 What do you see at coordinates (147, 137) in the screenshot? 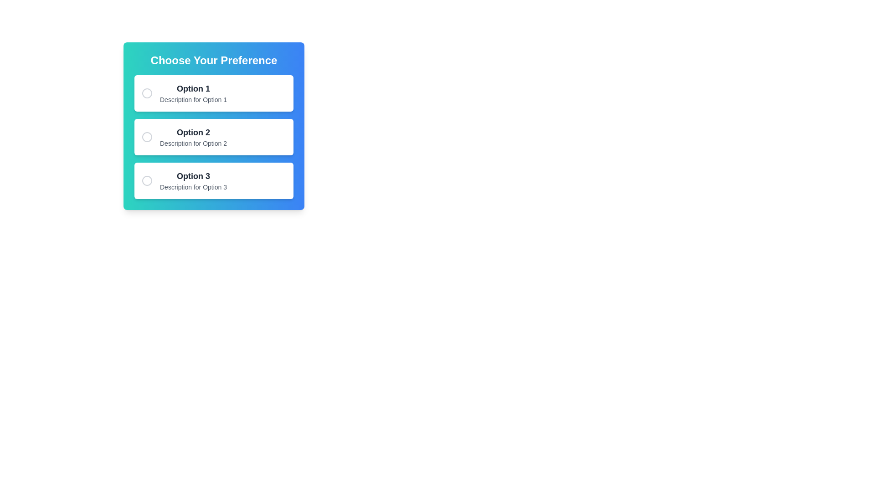
I see `the radio button for 'Option 2'` at bounding box center [147, 137].